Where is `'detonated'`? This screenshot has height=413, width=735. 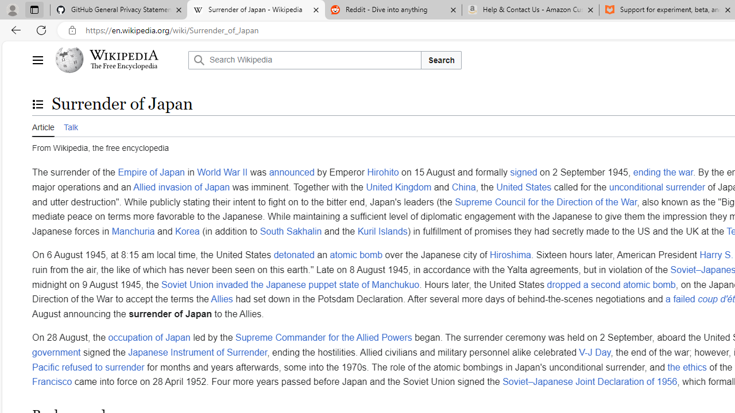 'detonated' is located at coordinates (294, 255).